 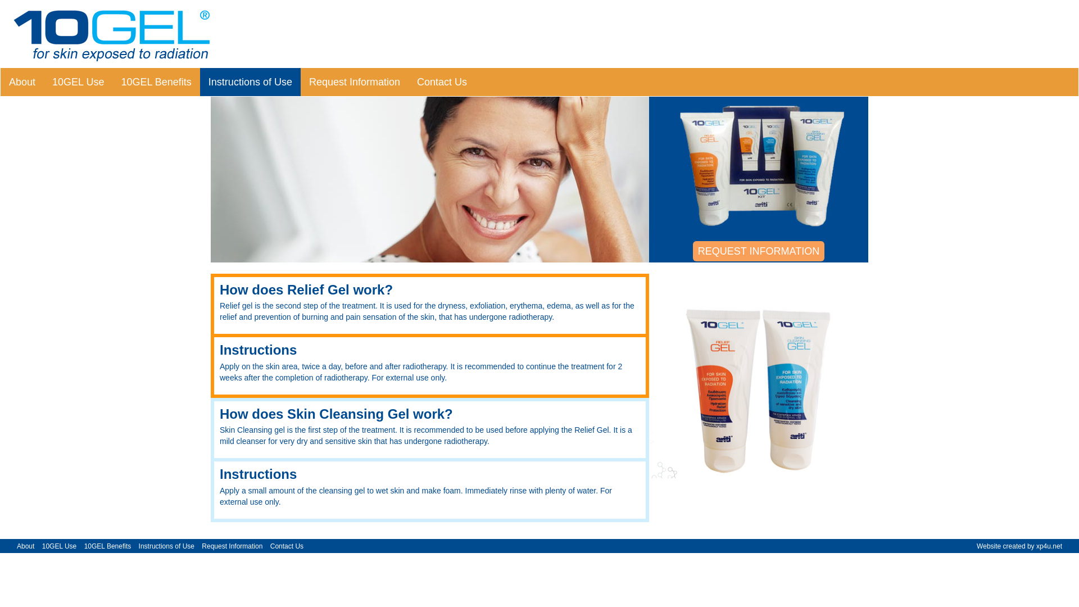 I want to click on '10GEL Use', so click(x=58, y=546).